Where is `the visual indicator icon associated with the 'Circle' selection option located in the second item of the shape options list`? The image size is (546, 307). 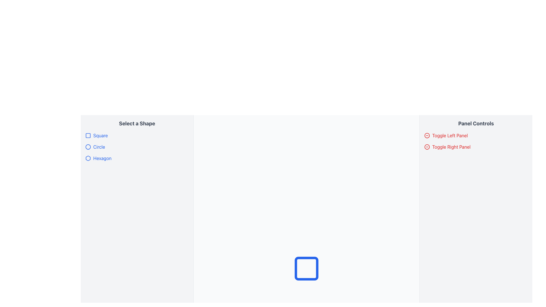
the visual indicator icon associated with the 'Circle' selection option located in the second item of the shape options list is located at coordinates (88, 146).